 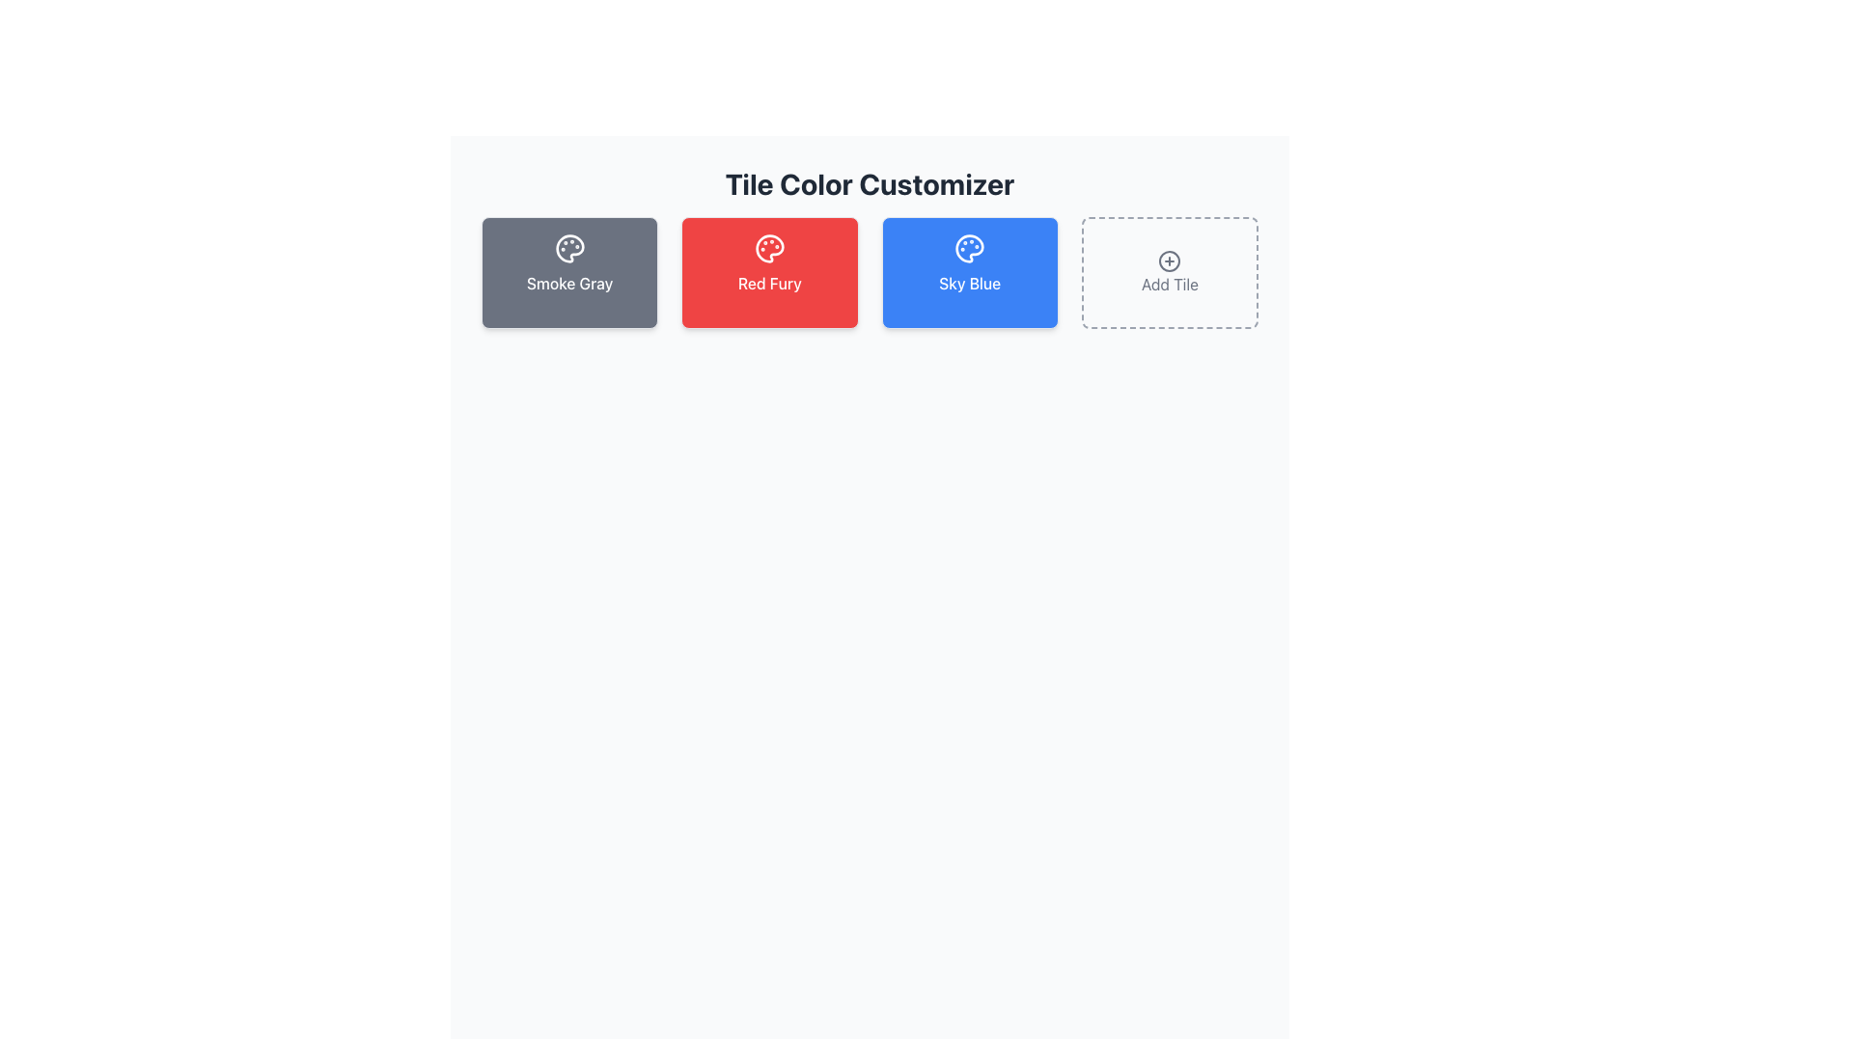 I want to click on the 'Add Tile' button, so click(x=1169, y=272).